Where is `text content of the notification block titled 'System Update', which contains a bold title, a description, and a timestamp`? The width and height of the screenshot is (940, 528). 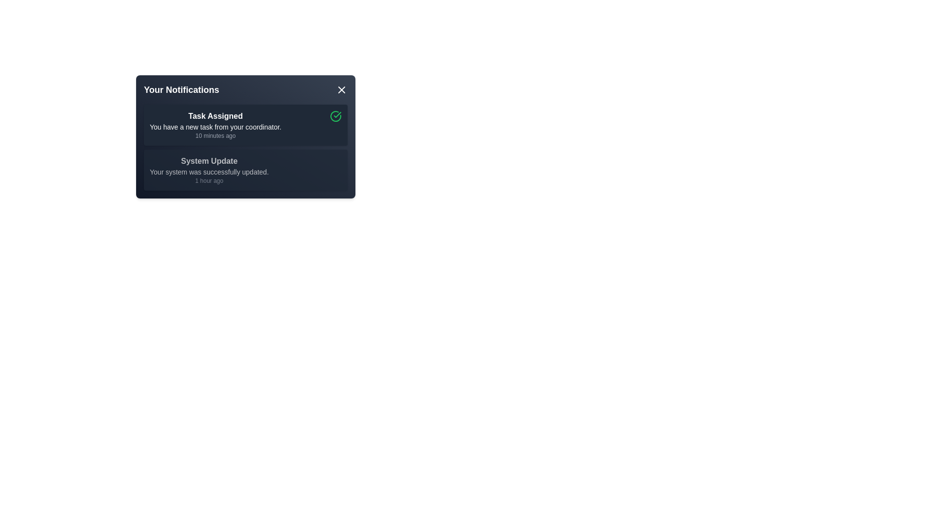 text content of the notification block titled 'System Update', which contains a bold title, a description, and a timestamp is located at coordinates (209, 169).